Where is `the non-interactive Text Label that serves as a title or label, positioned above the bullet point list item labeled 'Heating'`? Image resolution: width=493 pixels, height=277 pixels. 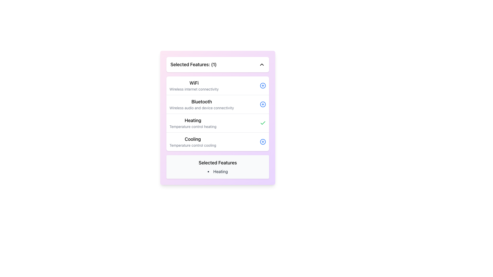 the non-interactive Text Label that serves as a title or label, positioned above the bullet point list item labeled 'Heating' is located at coordinates (218, 163).